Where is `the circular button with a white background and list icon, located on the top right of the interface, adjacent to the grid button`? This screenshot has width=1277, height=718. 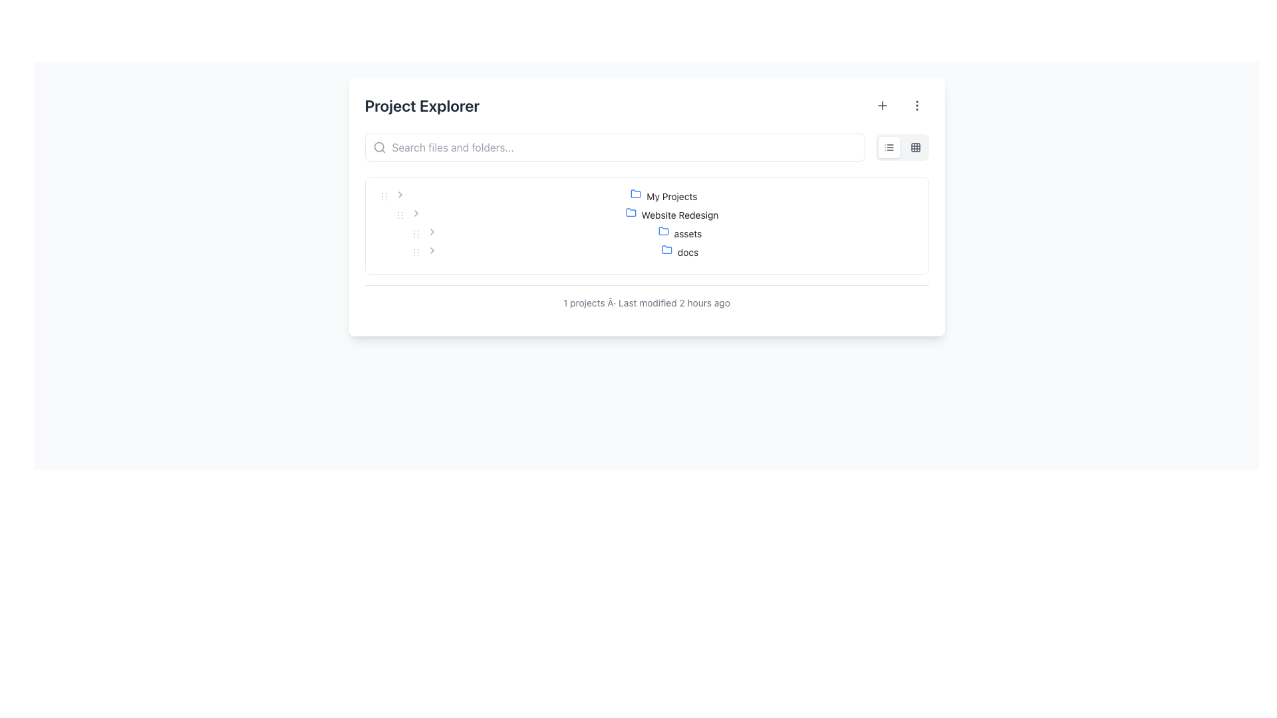 the circular button with a white background and list icon, located on the top right of the interface, adjacent to the grid button is located at coordinates (889, 148).